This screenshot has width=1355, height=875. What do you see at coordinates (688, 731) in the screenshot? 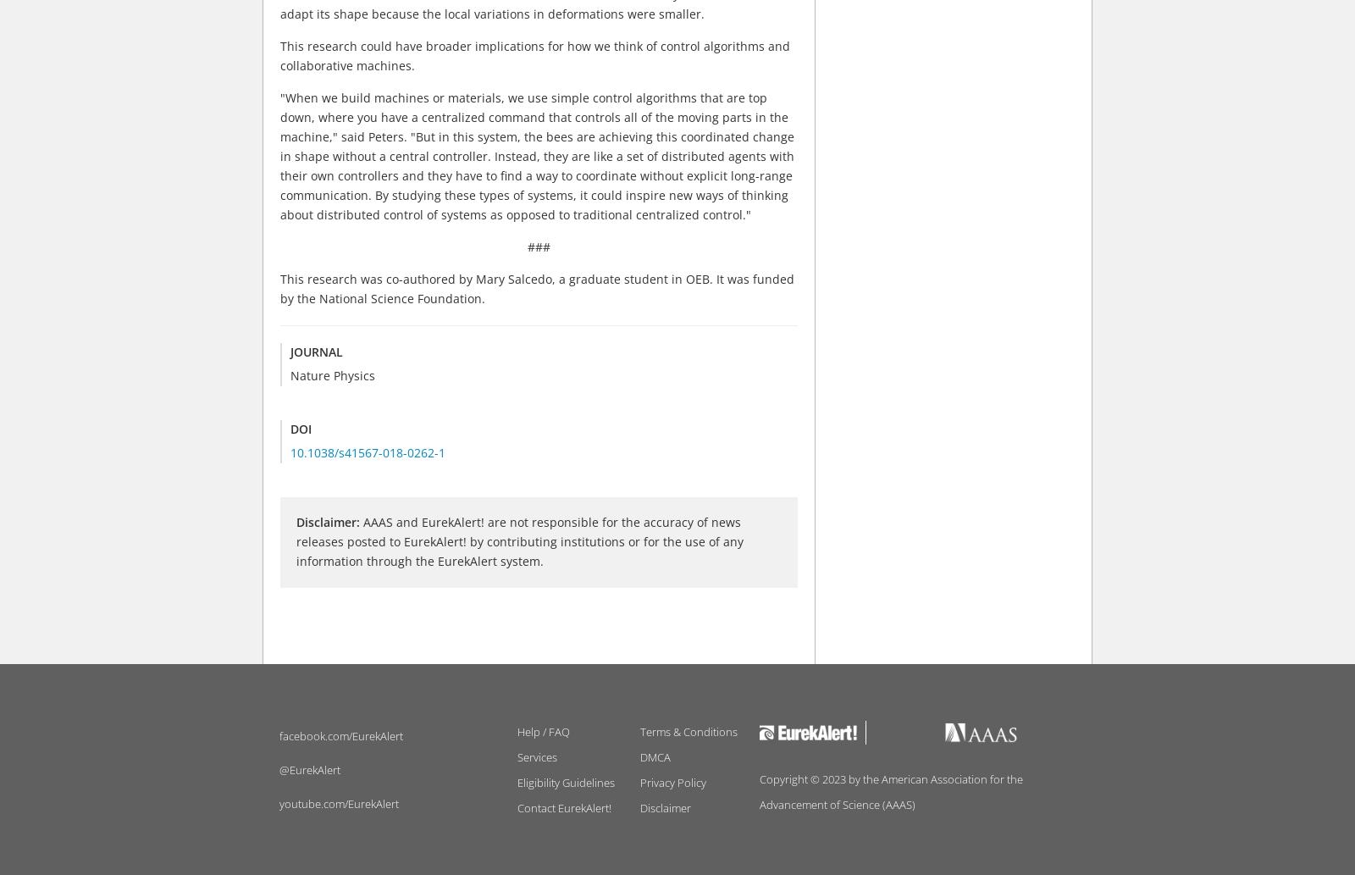
I see `'Terms & Conditions'` at bounding box center [688, 731].